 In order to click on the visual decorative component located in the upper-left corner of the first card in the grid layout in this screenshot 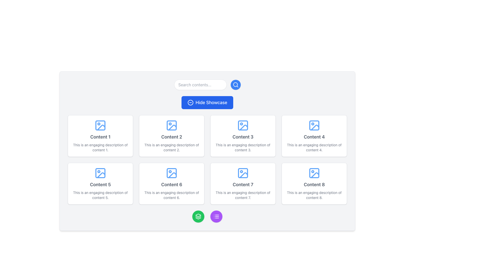, I will do `click(100, 125)`.